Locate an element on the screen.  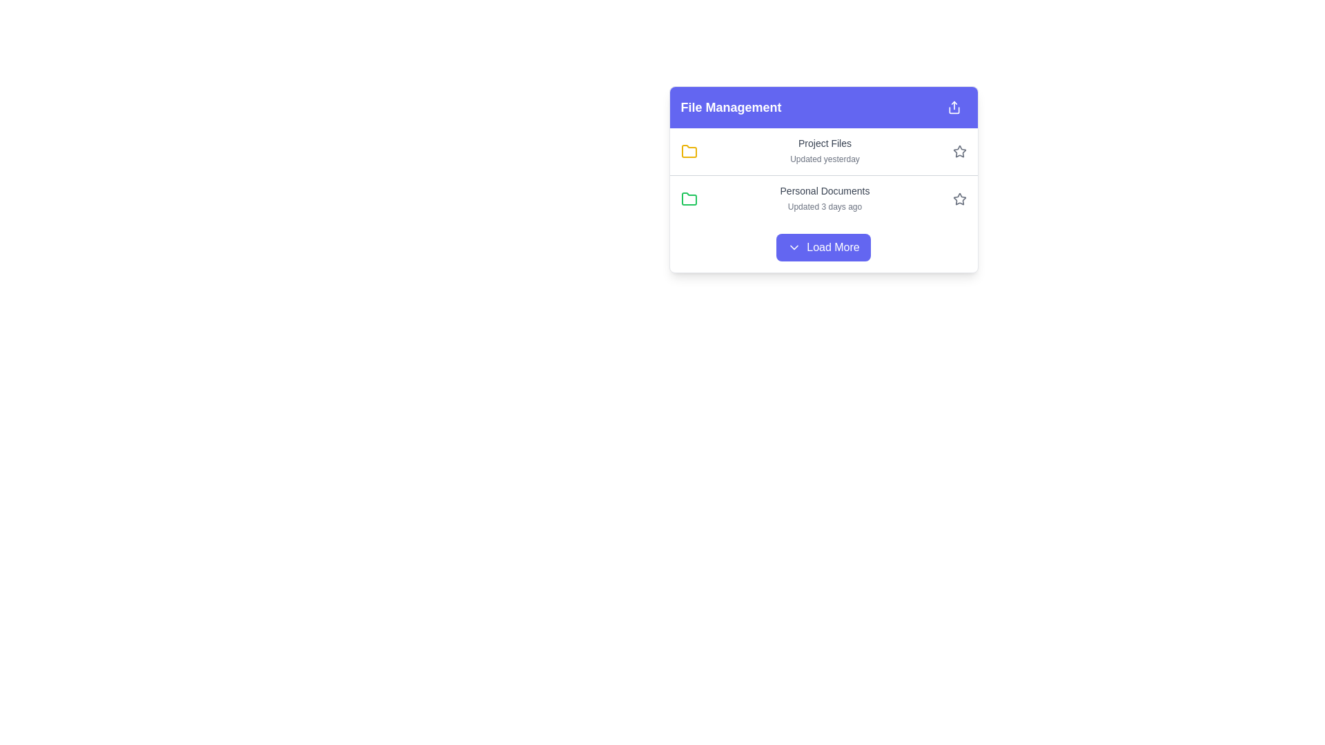
the button located at the bottom center of the 'File Management' card is located at coordinates (823, 246).